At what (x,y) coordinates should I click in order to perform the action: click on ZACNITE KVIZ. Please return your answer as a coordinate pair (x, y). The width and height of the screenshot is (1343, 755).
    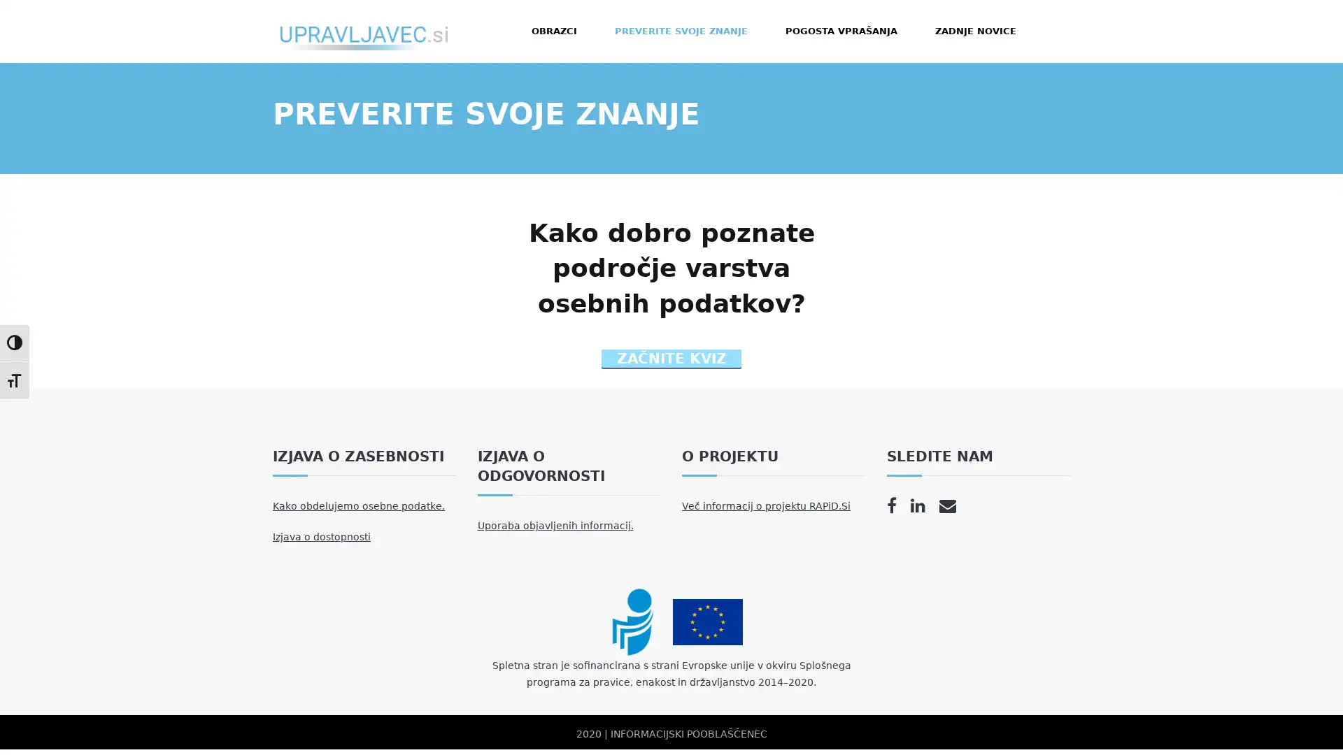
    Looking at the image, I should click on (671, 357).